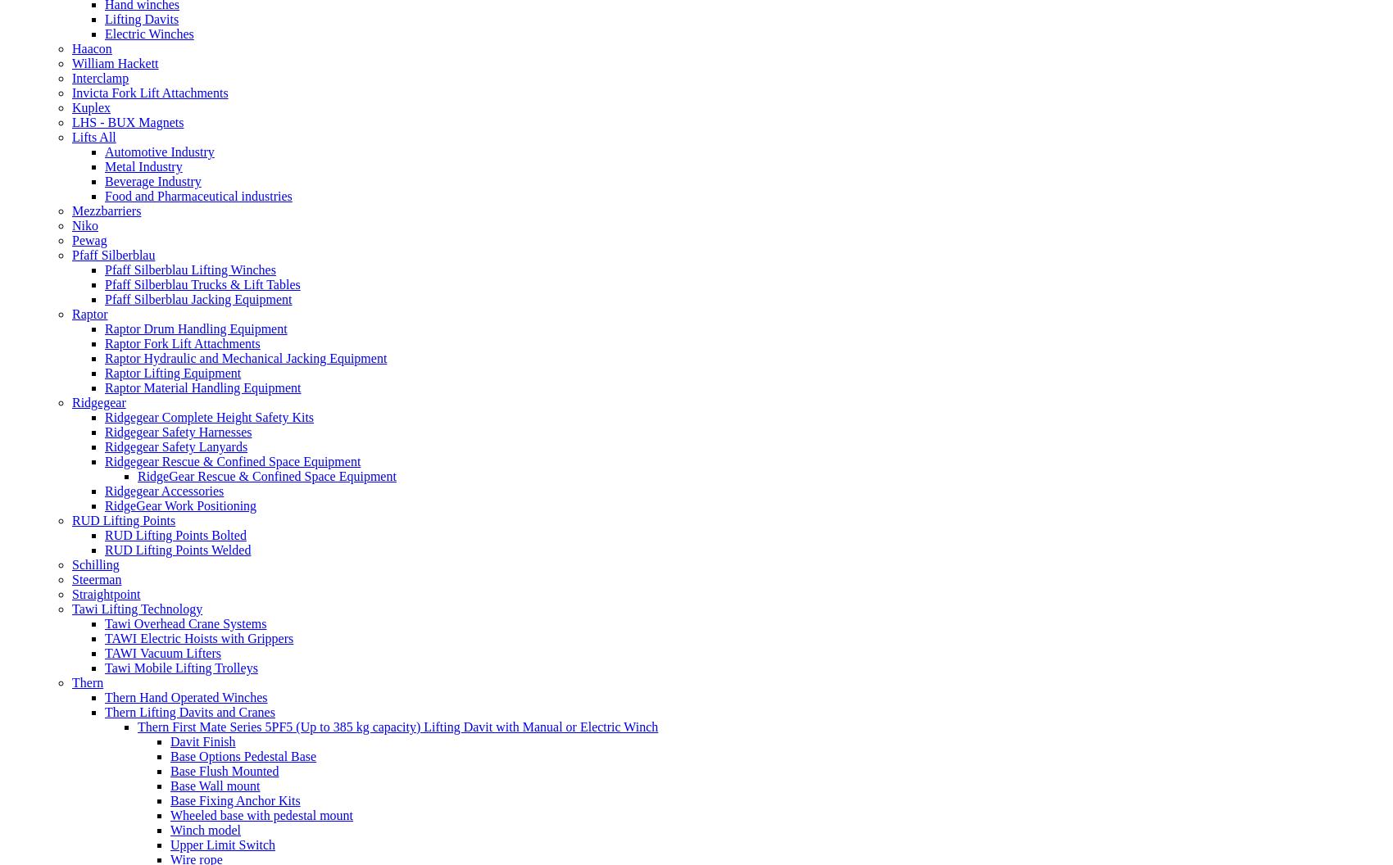 The height and width of the screenshot is (865, 1393). I want to click on 'Thern First Mate Series 5PF5 (Up to 385 kg capacity) Lifting Davit with Manual or Electric Winch', so click(136, 725).